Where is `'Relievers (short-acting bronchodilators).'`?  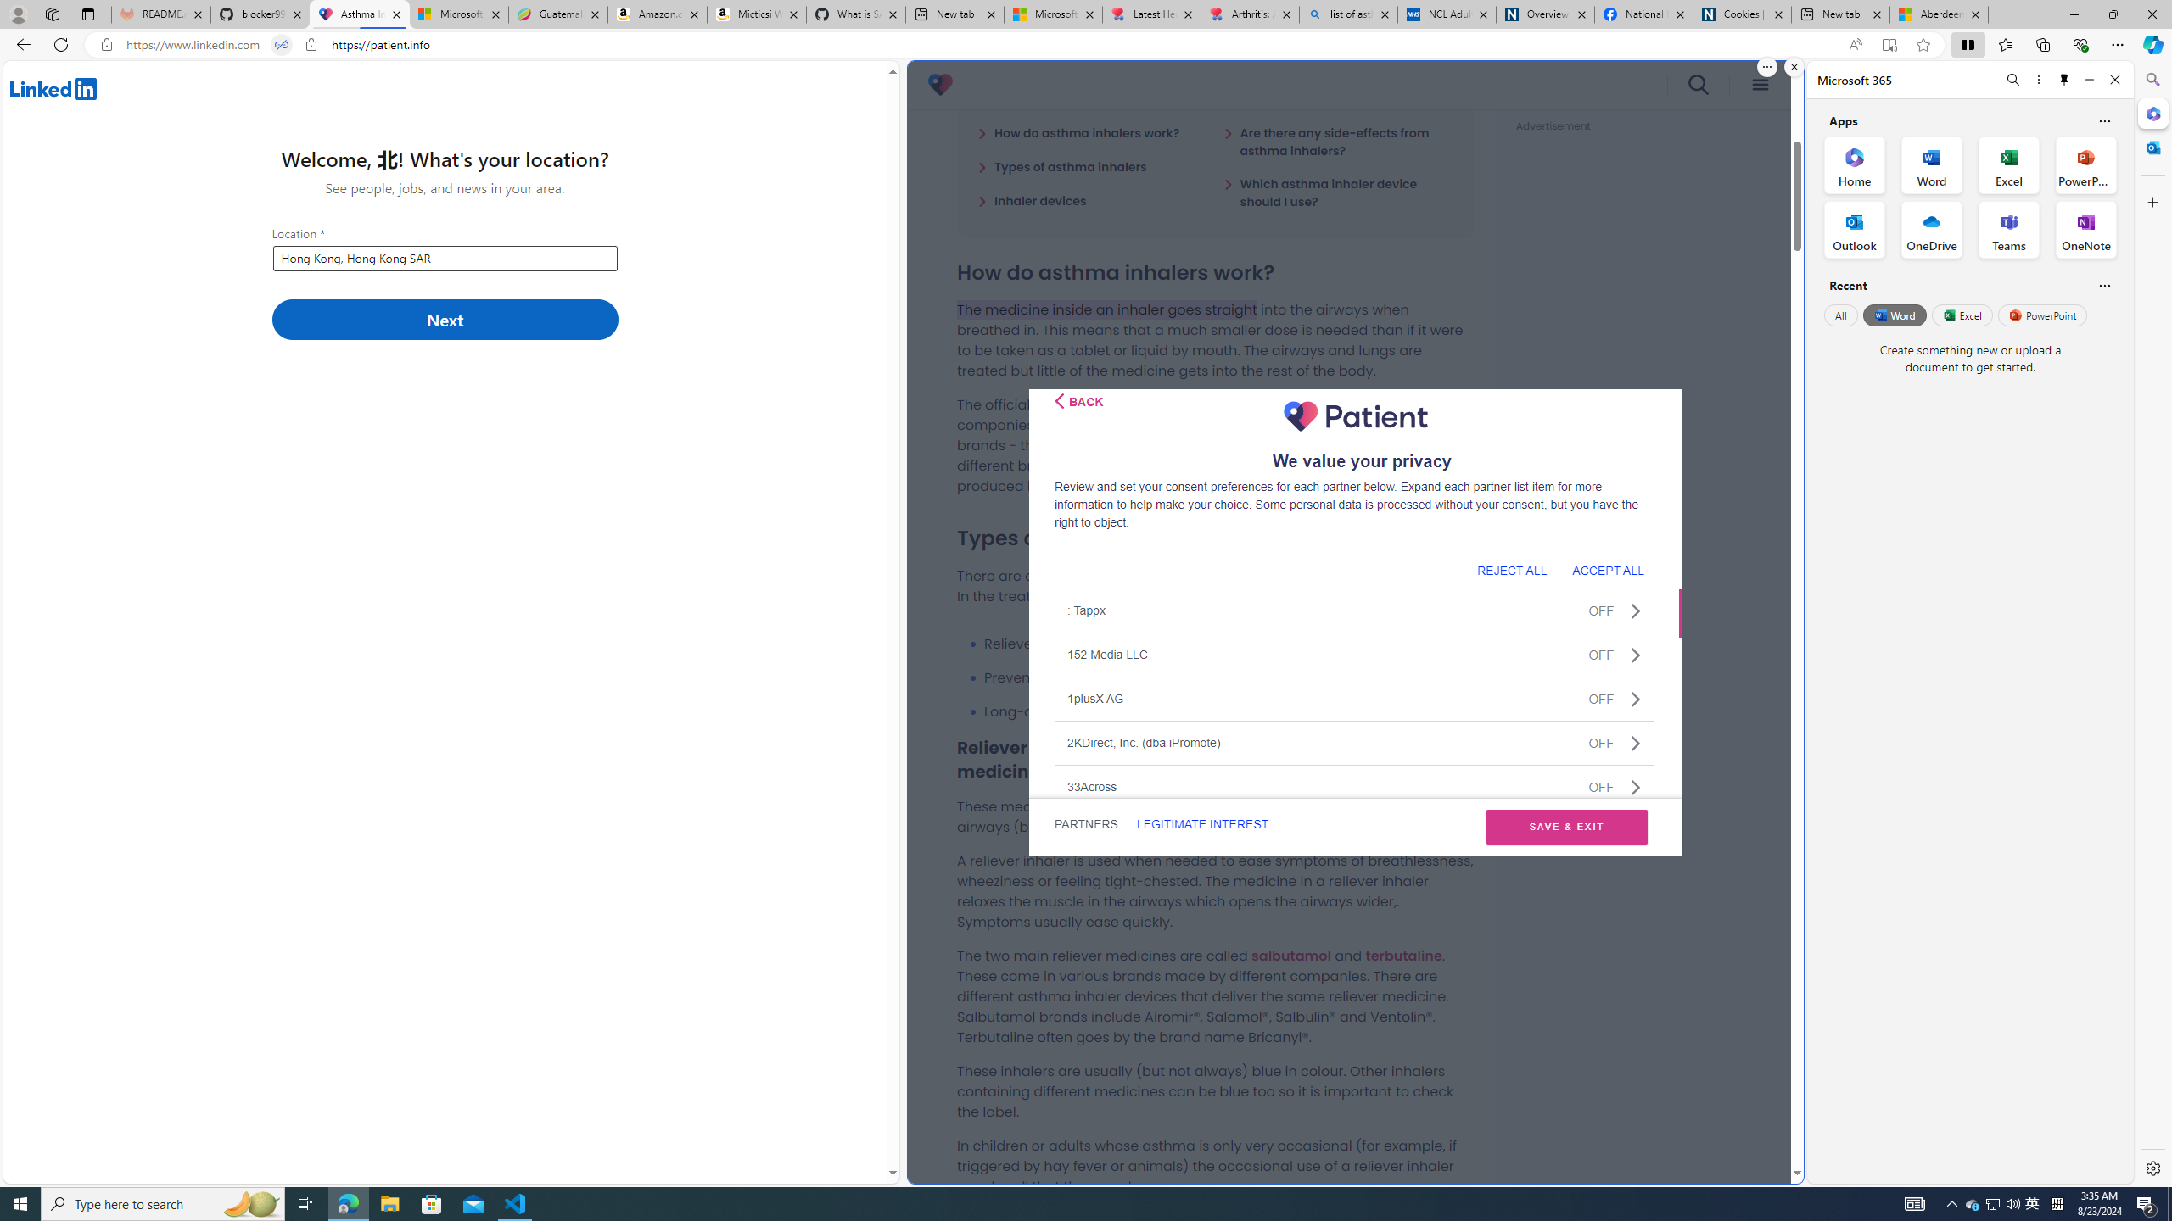
'Relievers (short-acting bronchodilators).' is located at coordinates (1228, 643).